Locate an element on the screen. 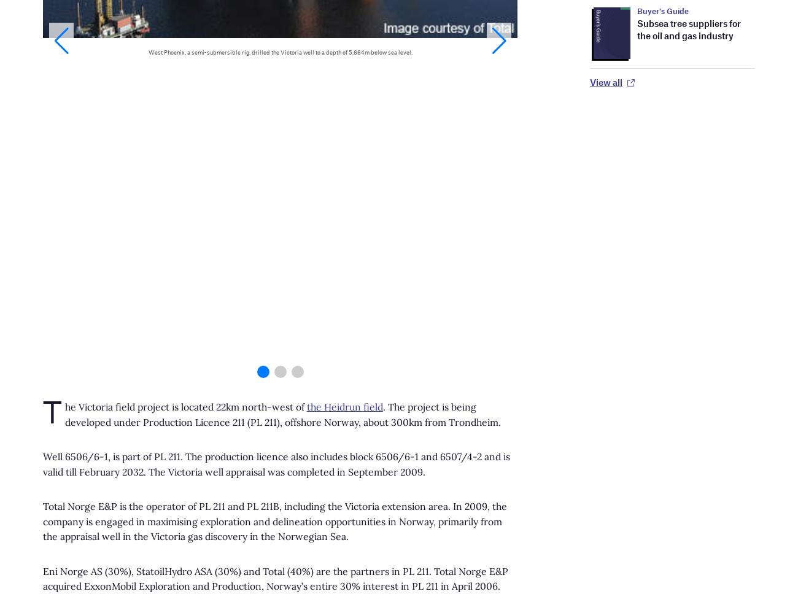 The image size is (798, 594). 'close' is located at coordinates (762, 31).